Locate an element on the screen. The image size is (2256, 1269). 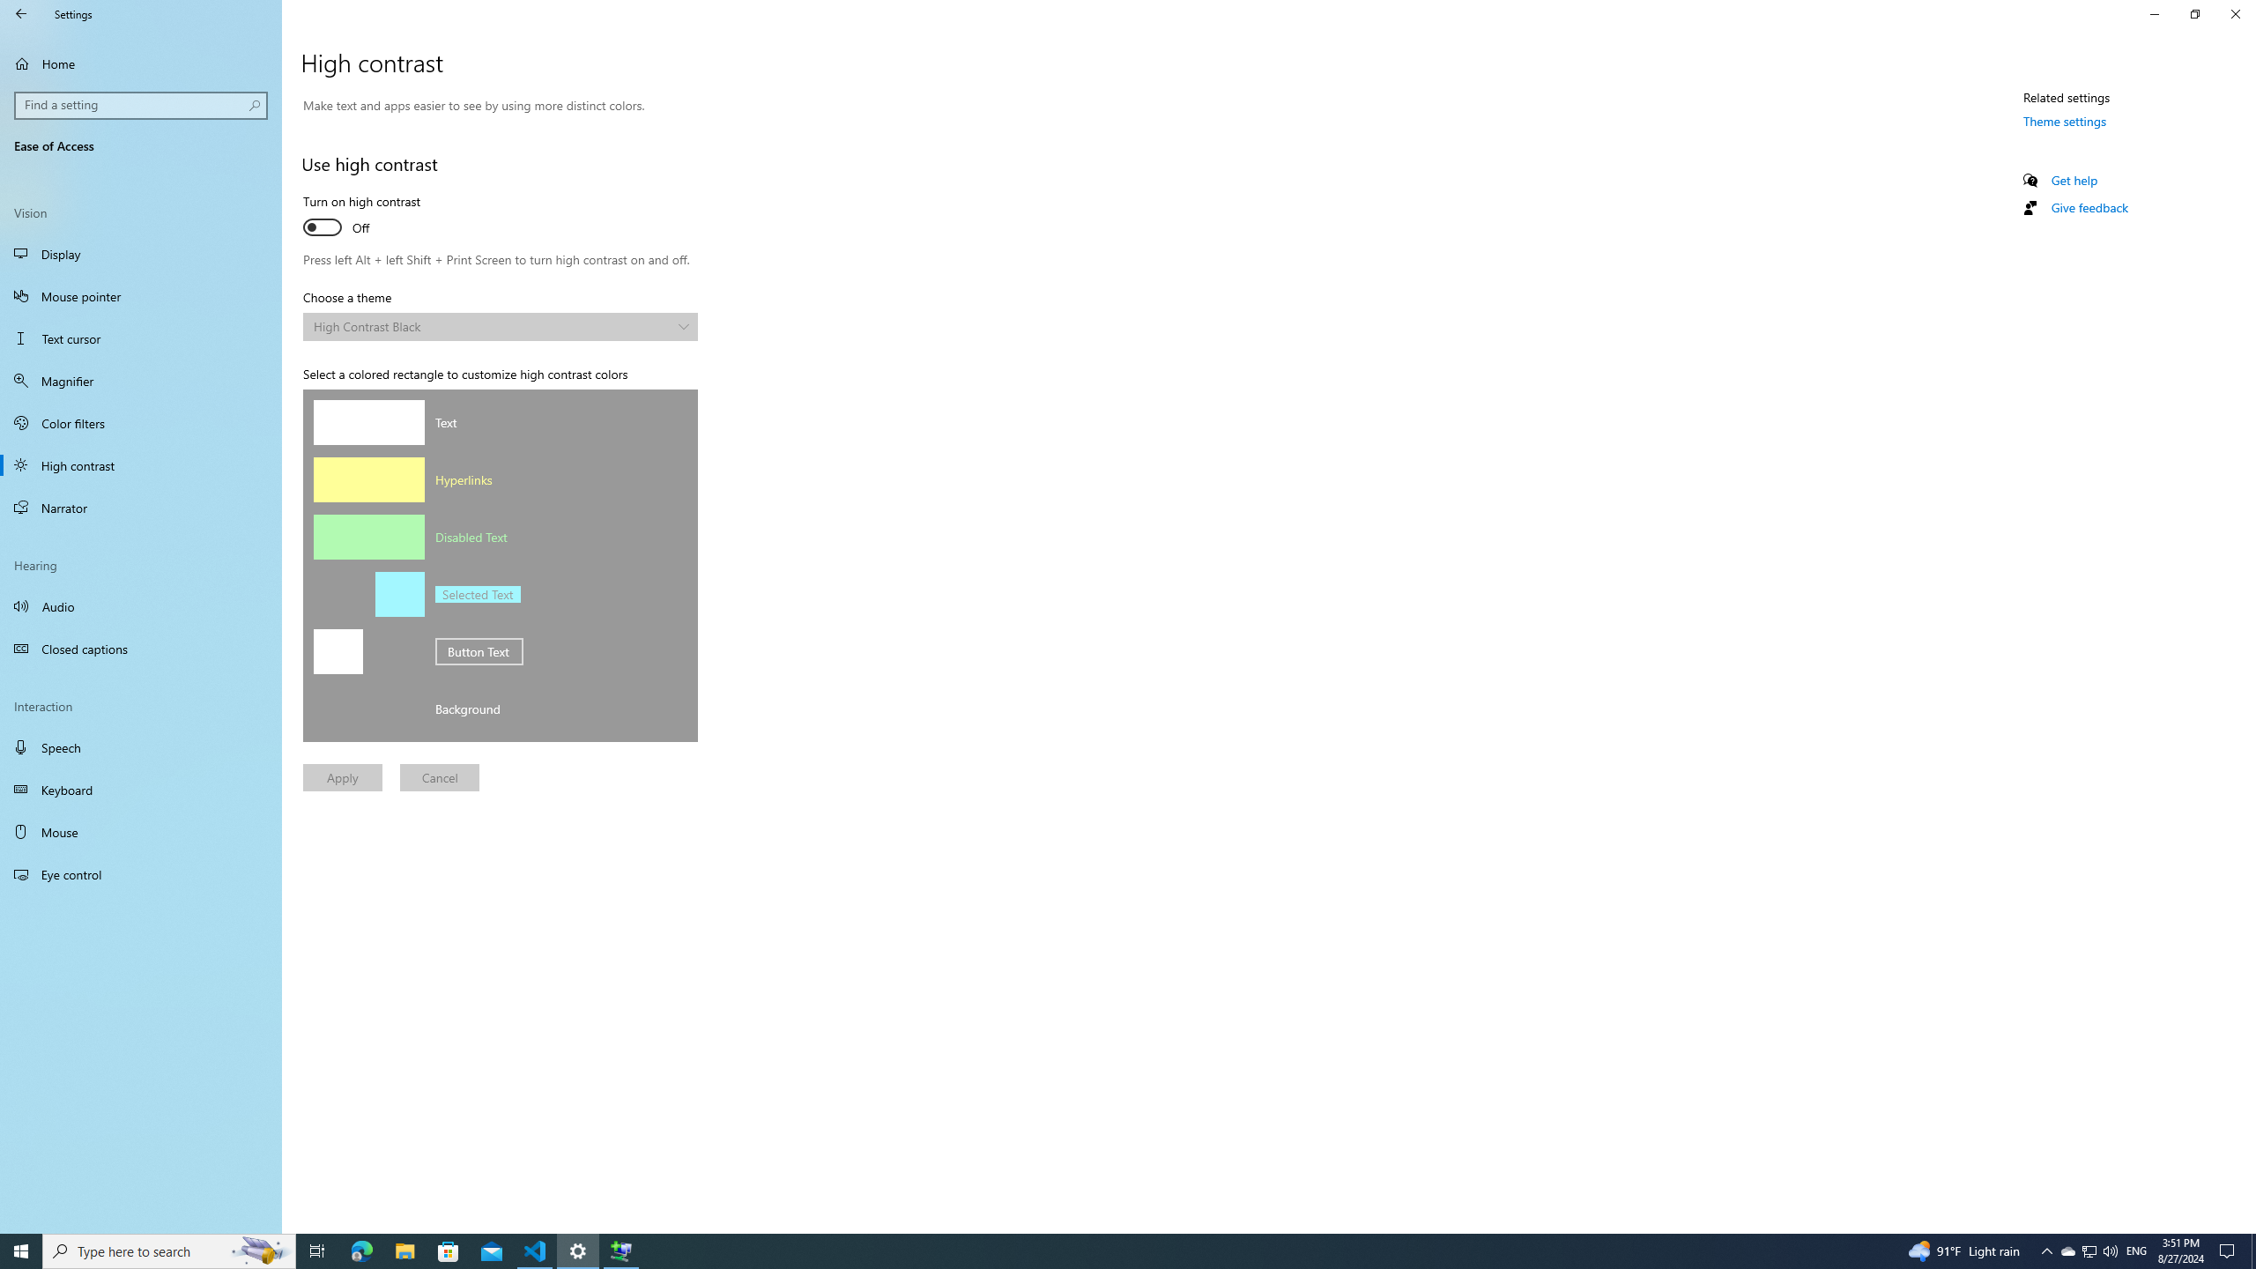
'Apply' is located at coordinates (342, 776).